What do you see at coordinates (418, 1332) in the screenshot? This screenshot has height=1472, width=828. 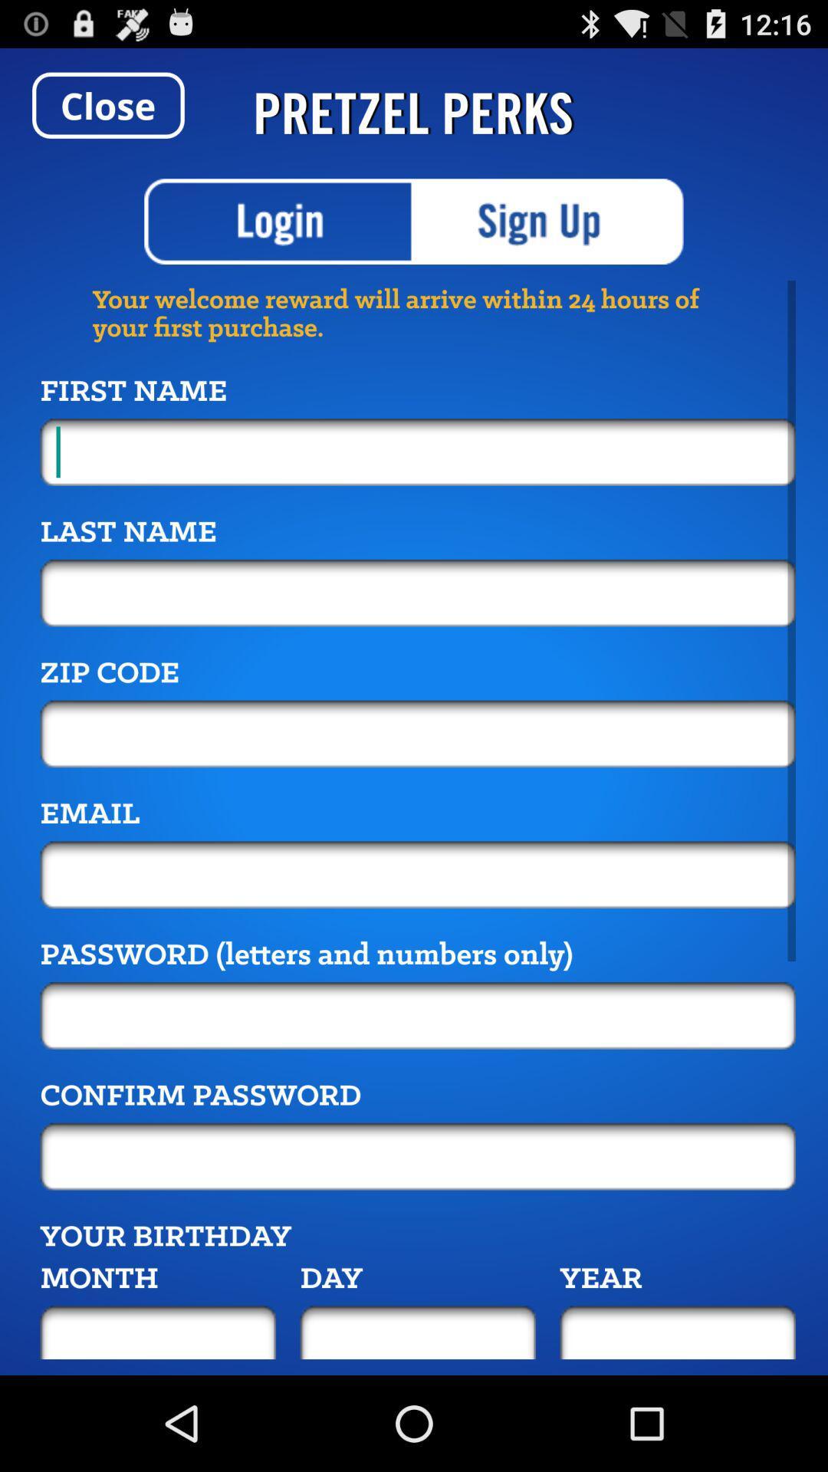 I see `day of your birthday` at bounding box center [418, 1332].